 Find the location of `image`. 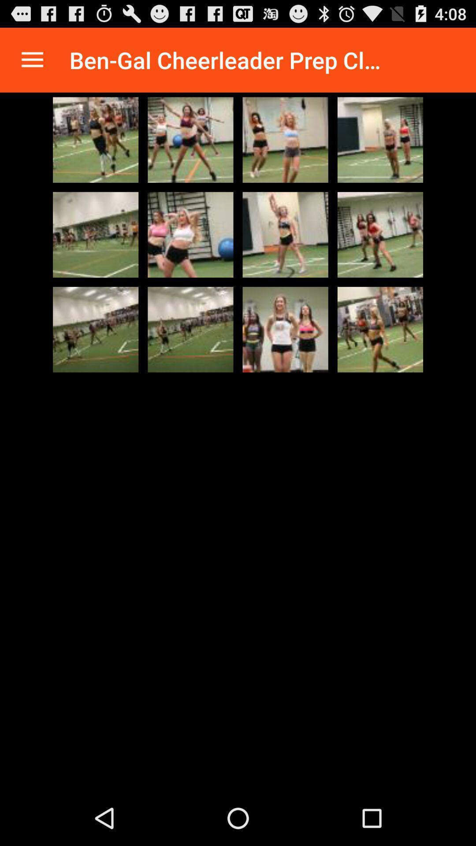

image is located at coordinates (190, 234).